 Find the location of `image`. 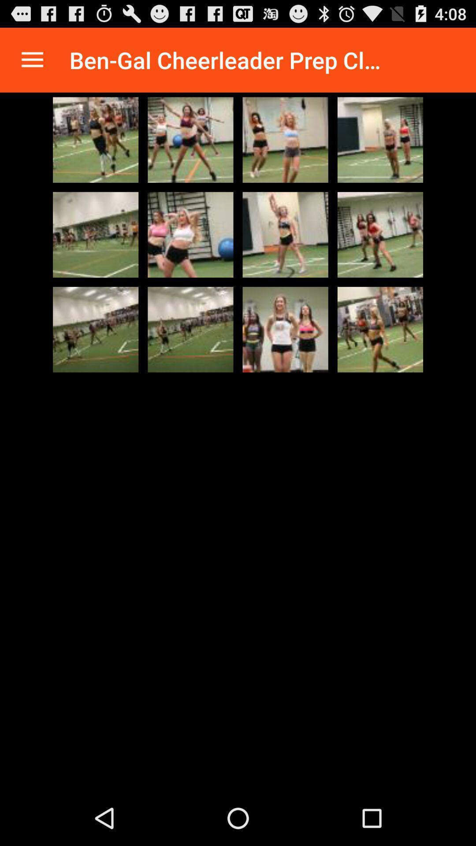

image is located at coordinates (190, 234).